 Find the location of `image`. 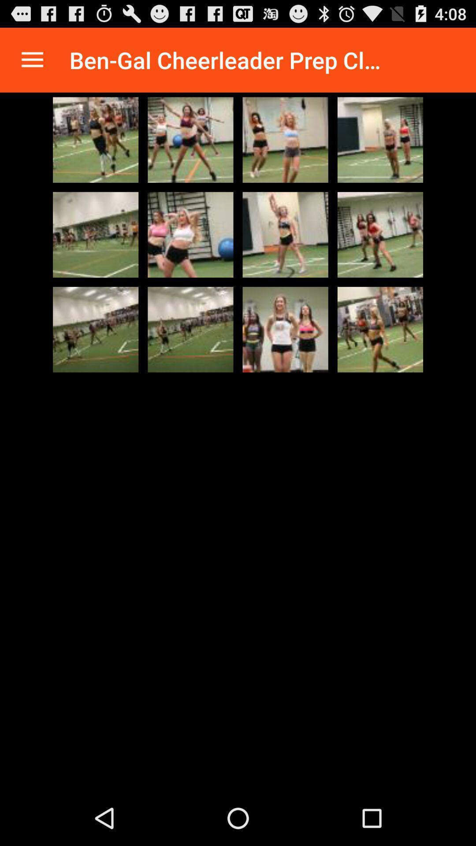

image is located at coordinates (190, 234).